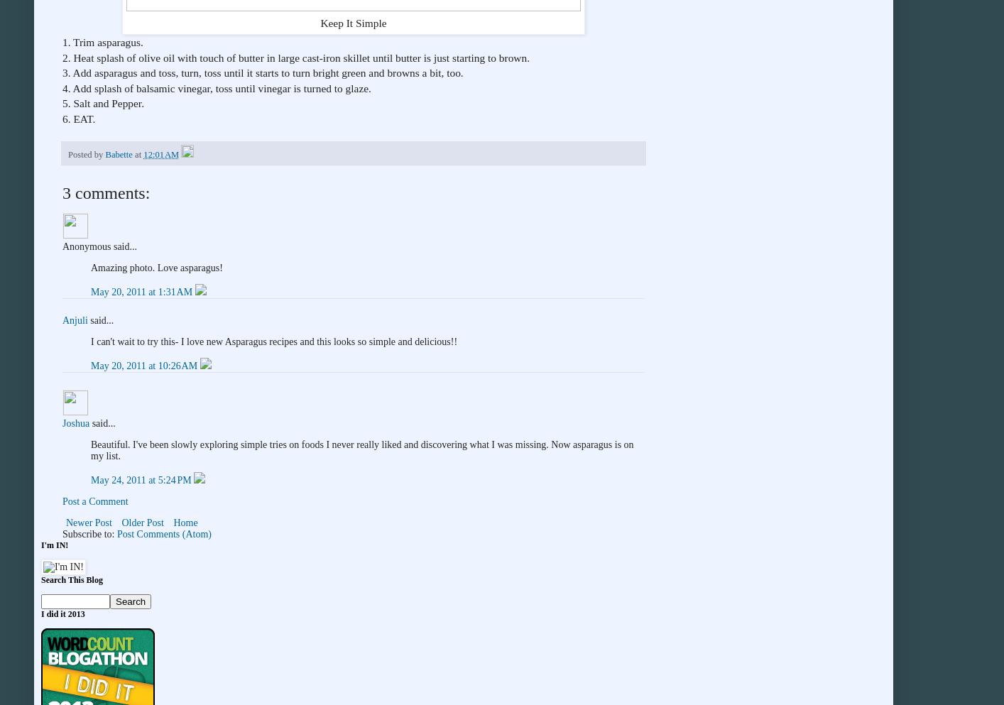 The height and width of the screenshot is (705, 1004). Describe the element at coordinates (77, 117) in the screenshot. I see `'6. EAT.'` at that location.